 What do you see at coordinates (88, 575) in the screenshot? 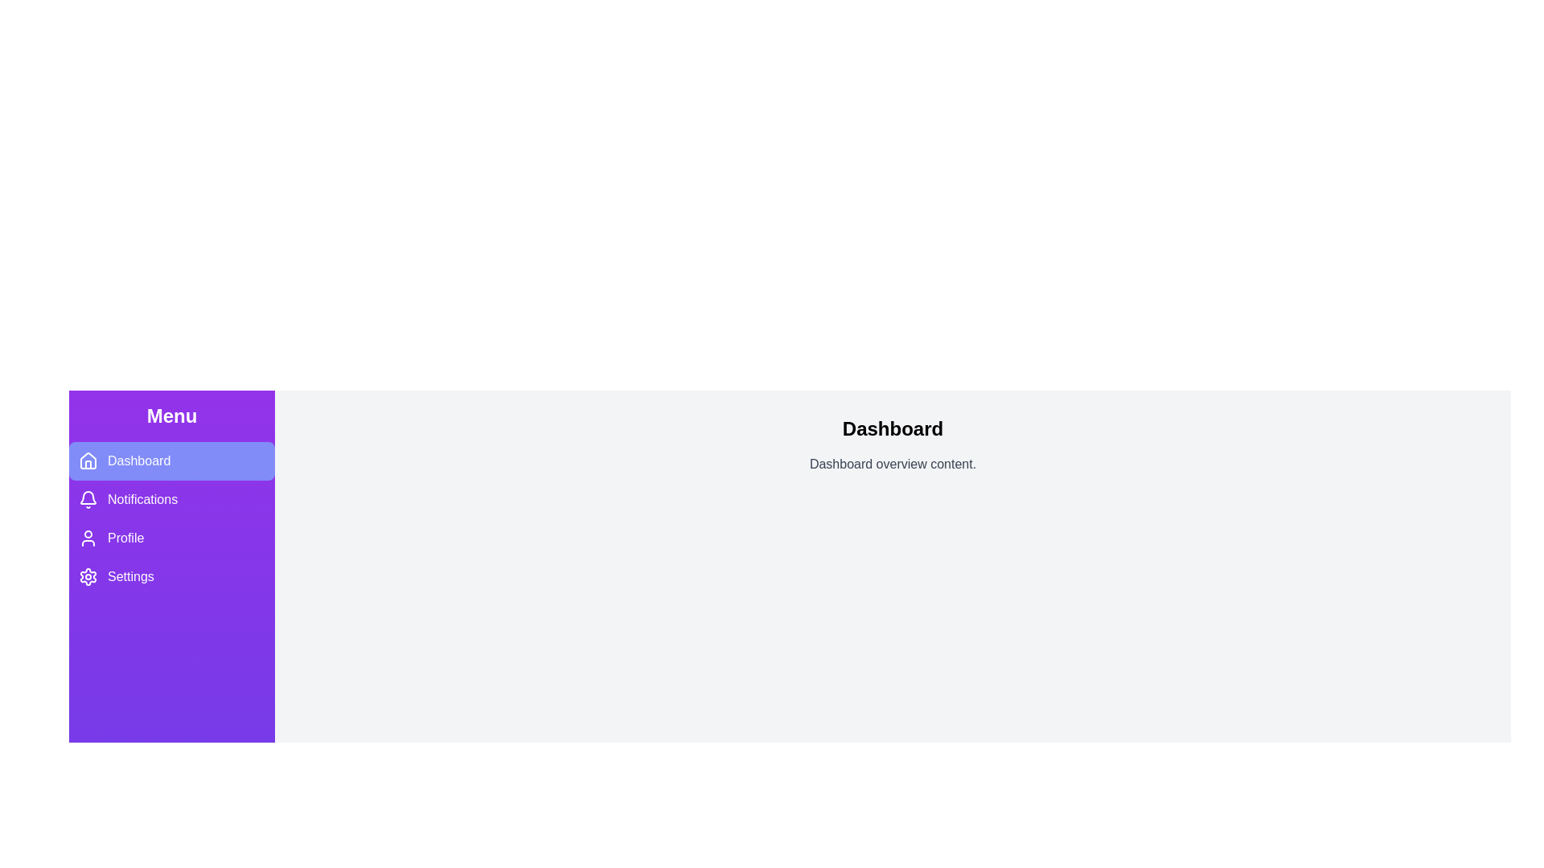
I see `the gear icon associated with settings in the vertical sidebar menu` at bounding box center [88, 575].